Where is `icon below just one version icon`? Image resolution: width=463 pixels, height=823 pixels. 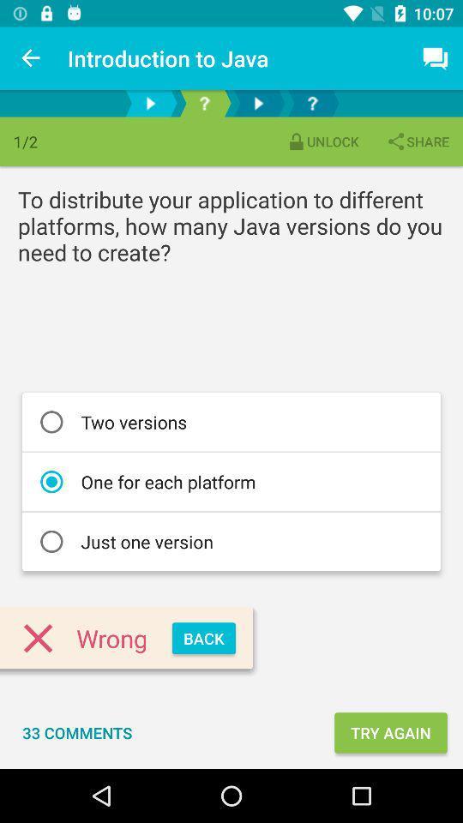 icon below just one version icon is located at coordinates (203, 637).